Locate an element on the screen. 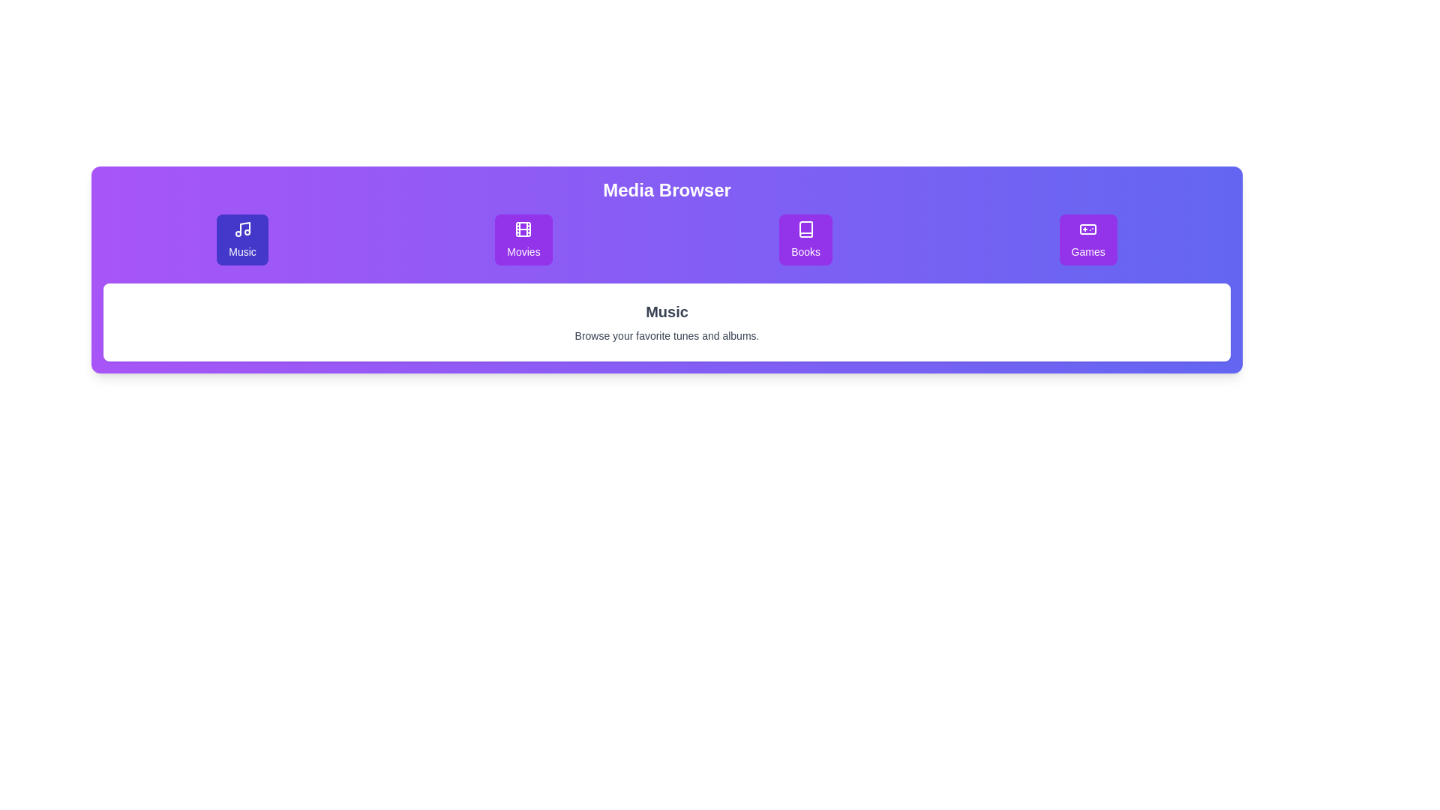 Image resolution: width=1440 pixels, height=810 pixels. the third button in the horizontal series labeled 'Media Browser' is located at coordinates (805, 239).